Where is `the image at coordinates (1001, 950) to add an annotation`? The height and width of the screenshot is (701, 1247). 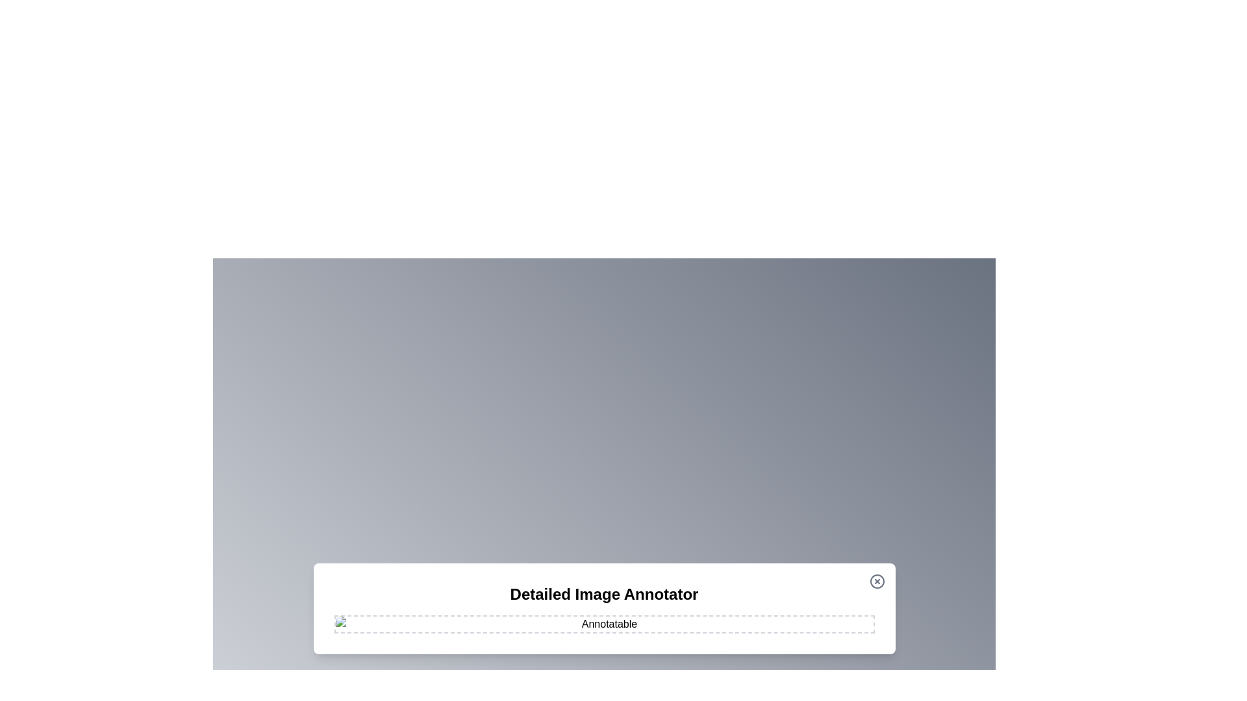 the image at coordinates (1001, 950) to add an annotation is located at coordinates (650, 615).